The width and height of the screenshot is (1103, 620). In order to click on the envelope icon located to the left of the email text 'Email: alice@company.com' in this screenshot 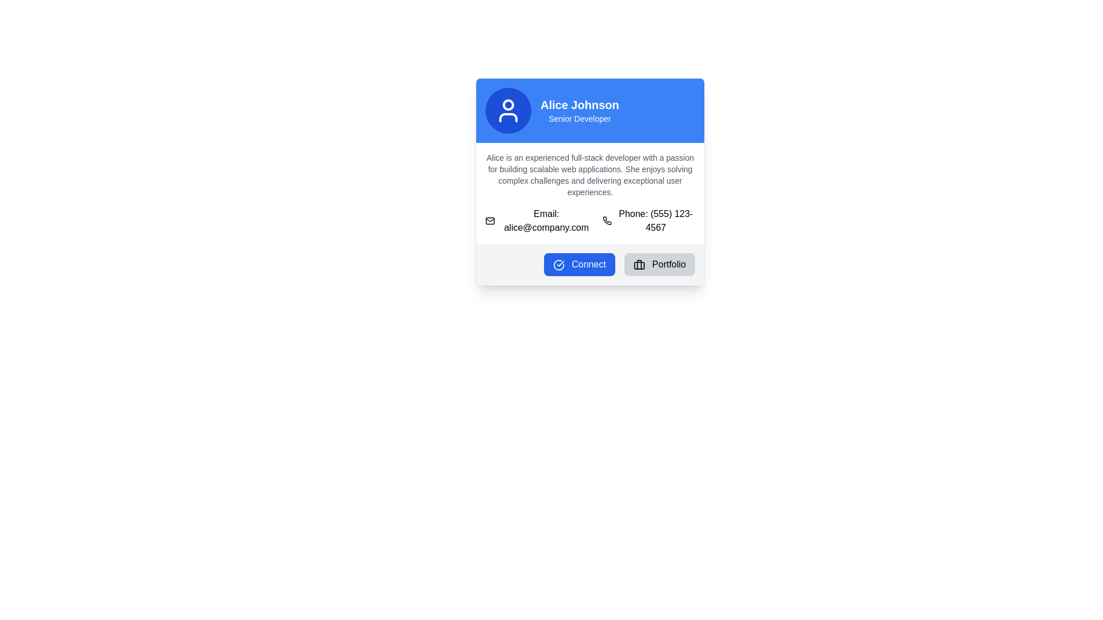, I will do `click(490, 221)`.